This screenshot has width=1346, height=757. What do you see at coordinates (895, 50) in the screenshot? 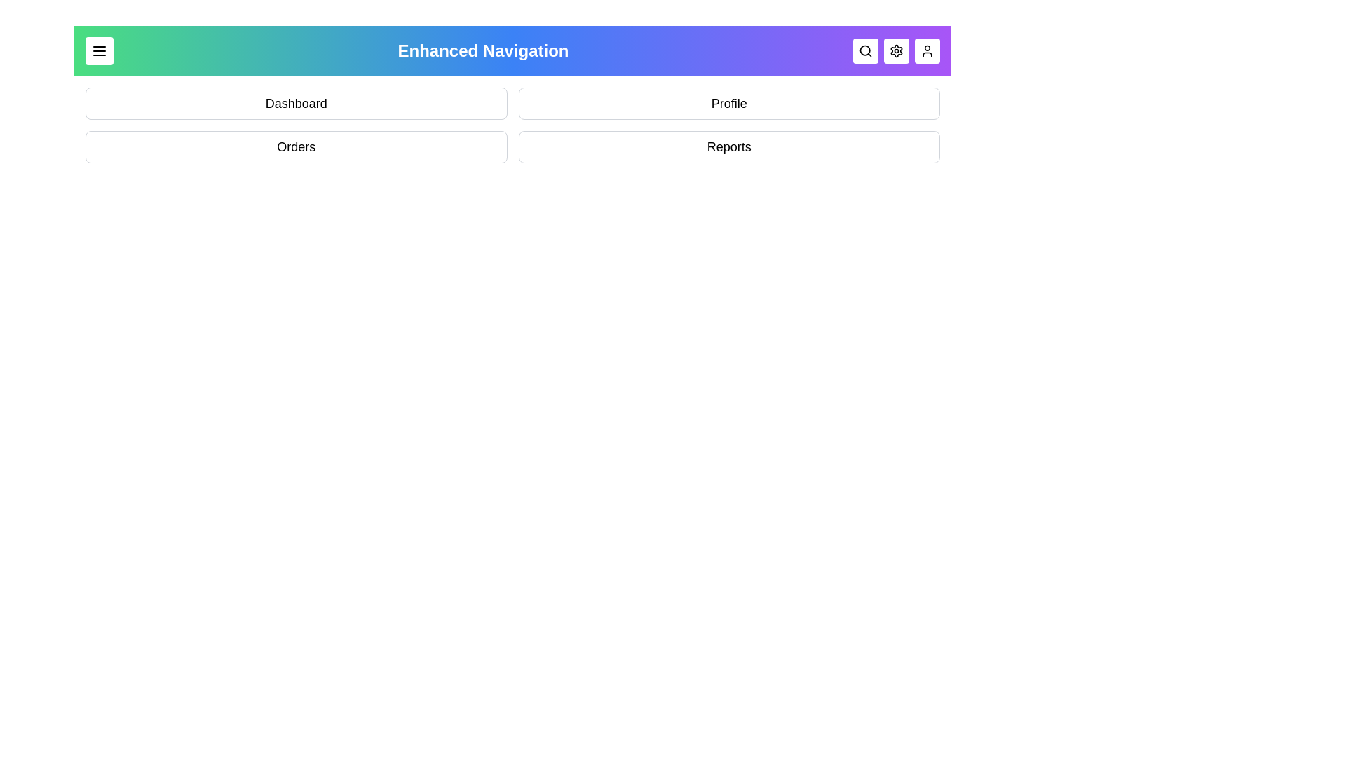
I see `the settings button` at bounding box center [895, 50].